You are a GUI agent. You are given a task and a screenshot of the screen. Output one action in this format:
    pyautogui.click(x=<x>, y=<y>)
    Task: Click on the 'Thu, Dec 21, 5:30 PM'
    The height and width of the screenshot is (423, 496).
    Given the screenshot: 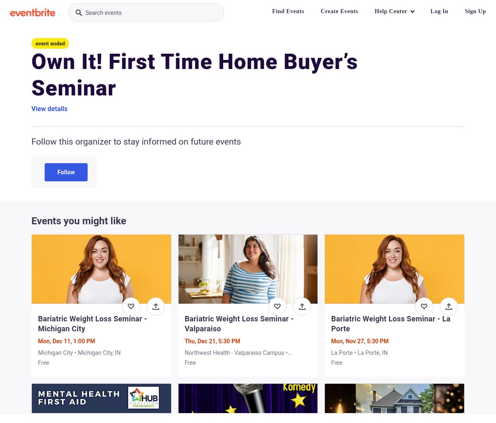 What is the action you would take?
    pyautogui.click(x=184, y=340)
    